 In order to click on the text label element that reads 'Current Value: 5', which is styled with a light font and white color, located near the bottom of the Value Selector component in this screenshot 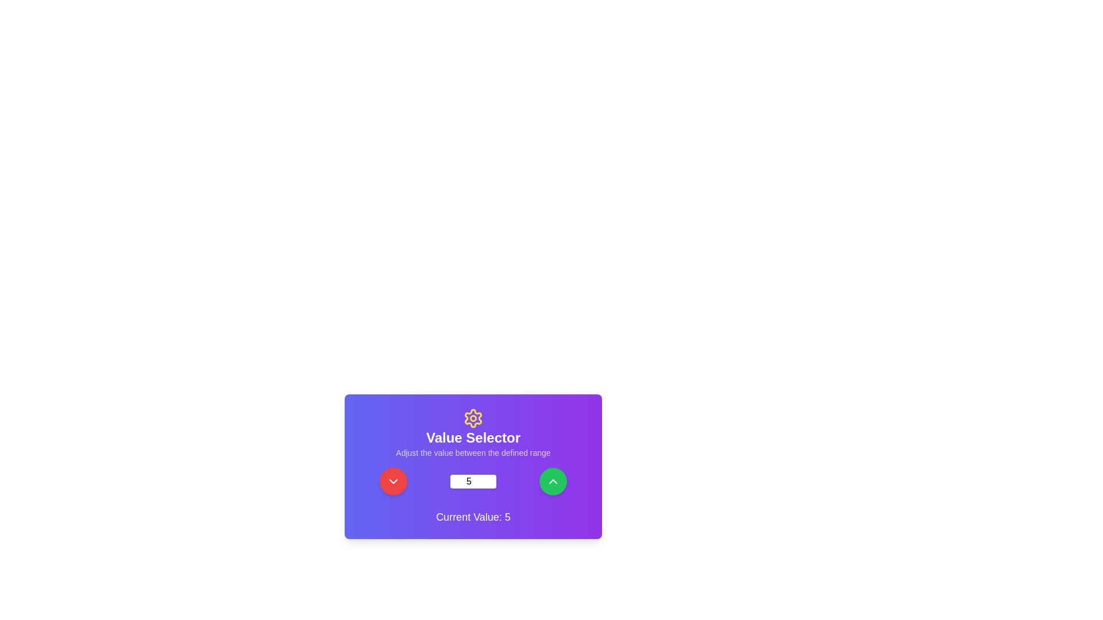, I will do `click(473, 517)`.